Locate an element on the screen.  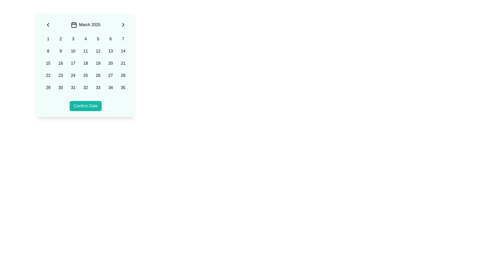
the rightward-facing chevron icon located in the top-right corner of the calendar interface is located at coordinates (123, 25).